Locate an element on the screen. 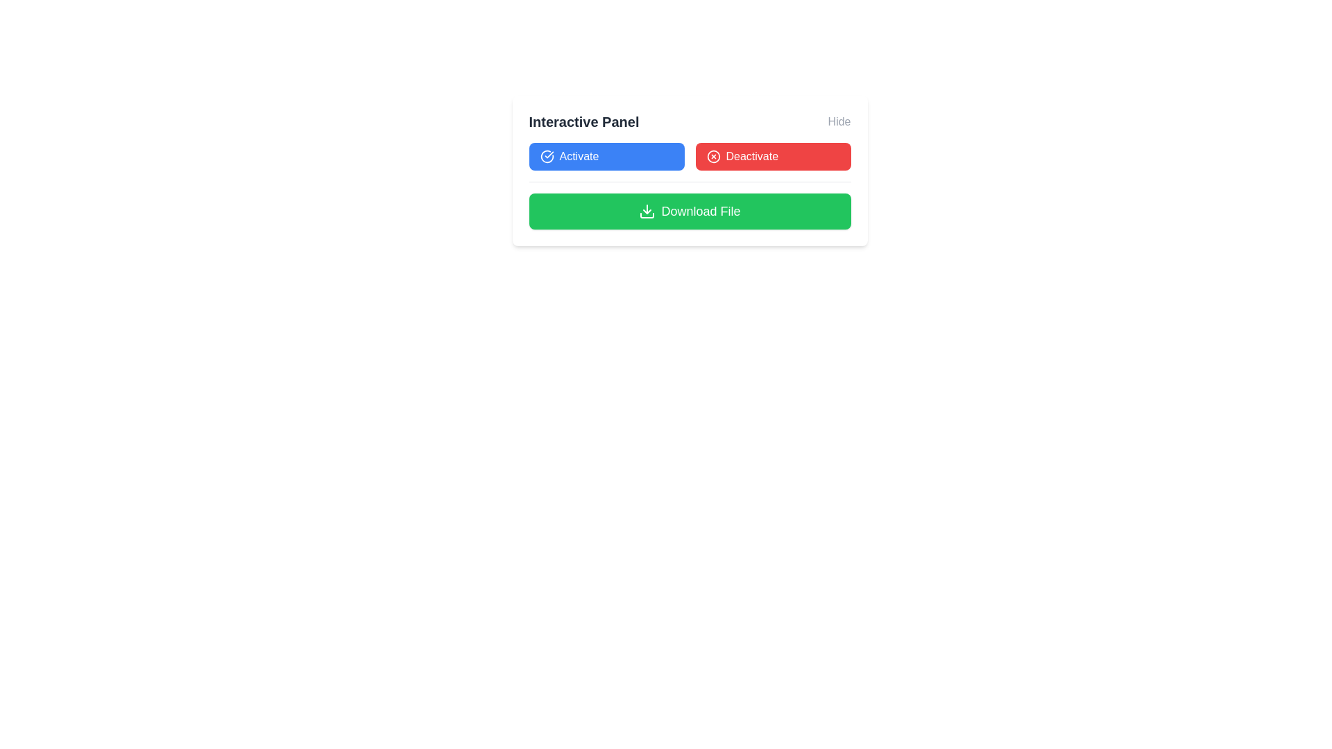 This screenshot has height=749, width=1332. the Icon (SVG) located at the leftmost part of the 'Activate' button, which visually indicates an activation or confirmation action is located at coordinates (546, 156).